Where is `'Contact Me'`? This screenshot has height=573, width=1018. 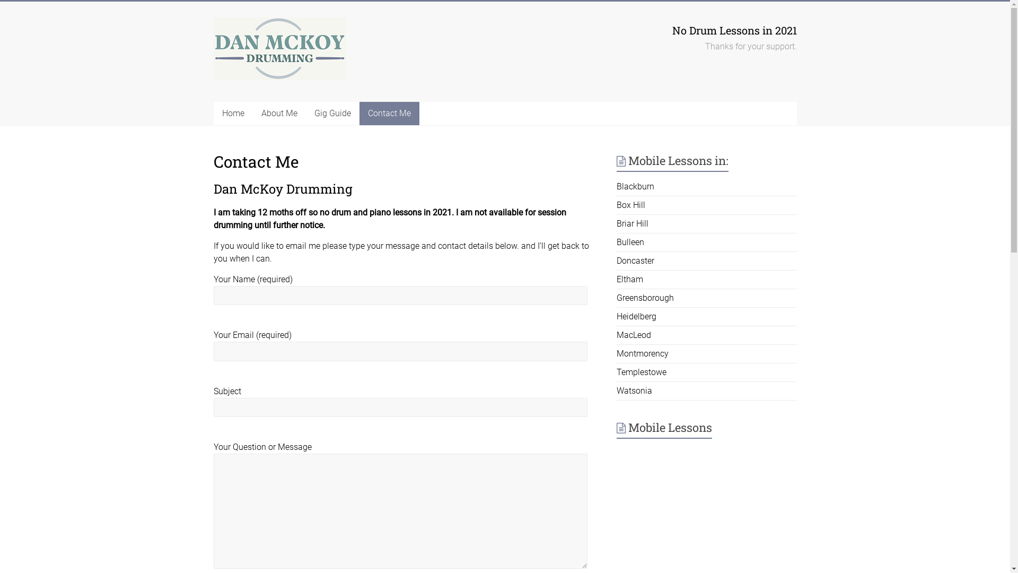 'Contact Me' is located at coordinates (359, 113).